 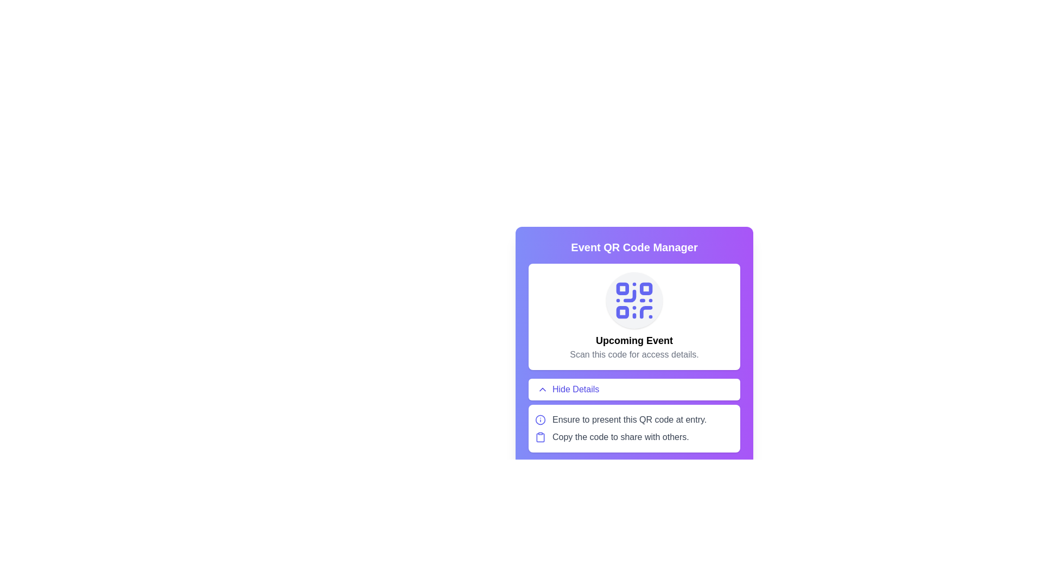 What do you see at coordinates (634, 340) in the screenshot?
I see `the text label titled 'Upcoming Event', which is centered within the card layout above the line 'Scan this code for access details'` at bounding box center [634, 340].